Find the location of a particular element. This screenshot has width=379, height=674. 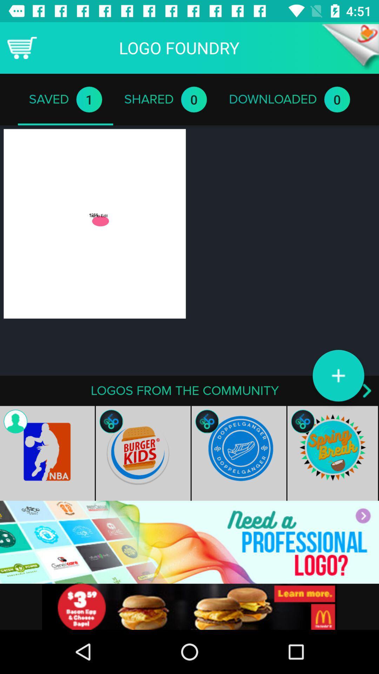

log in is located at coordinates (189, 542).